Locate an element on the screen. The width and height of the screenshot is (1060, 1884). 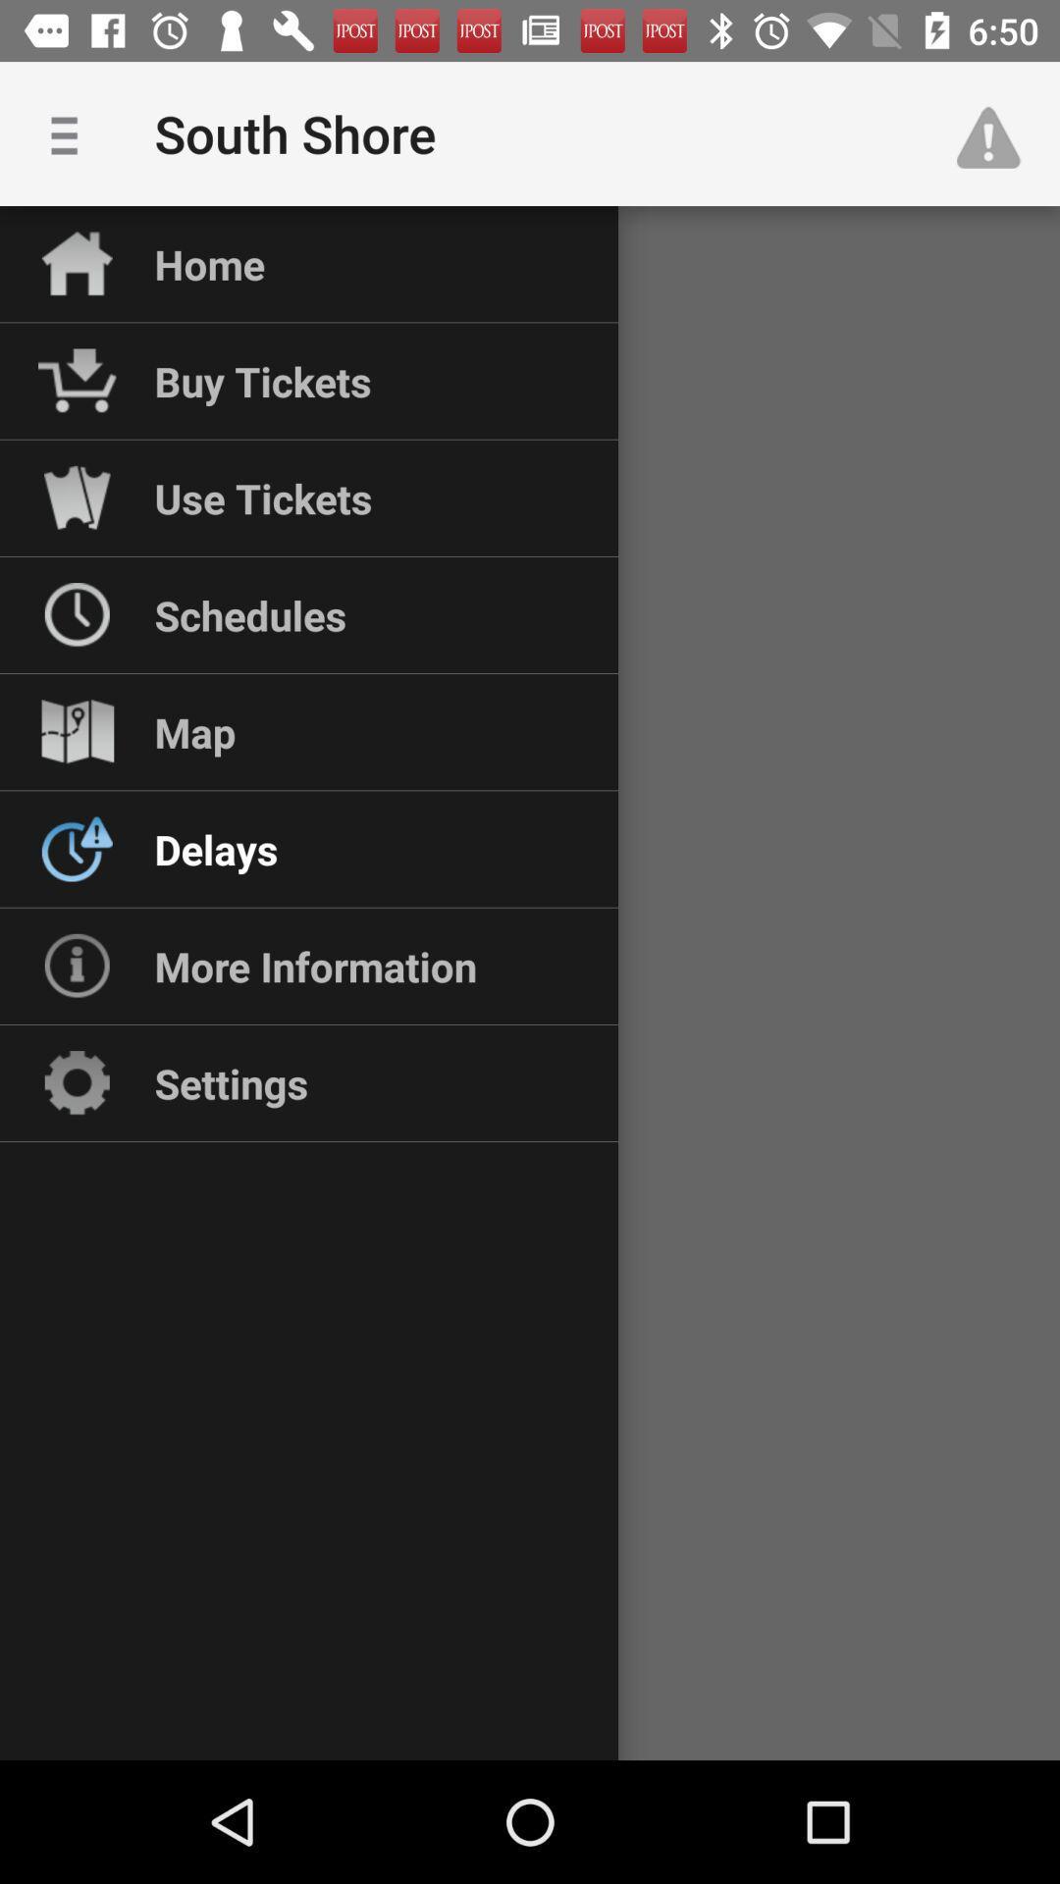
the app to the right of south shore app is located at coordinates (998, 132).